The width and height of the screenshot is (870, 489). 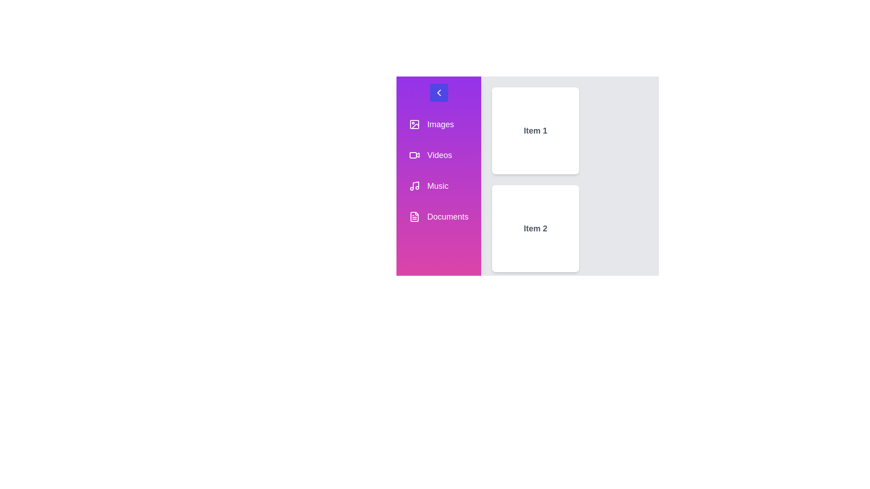 I want to click on the sidebar menu item labeled Videos, so click(x=439, y=155).